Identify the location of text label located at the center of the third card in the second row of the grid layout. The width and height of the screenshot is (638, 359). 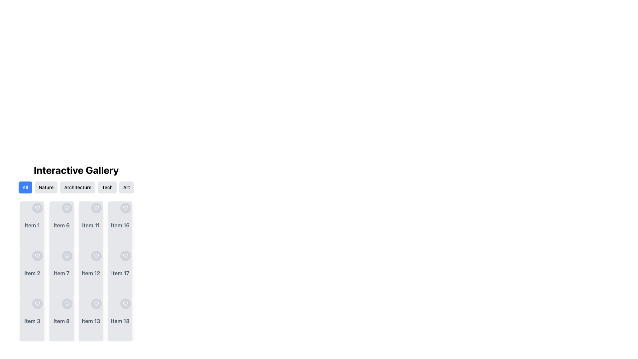
(90, 225).